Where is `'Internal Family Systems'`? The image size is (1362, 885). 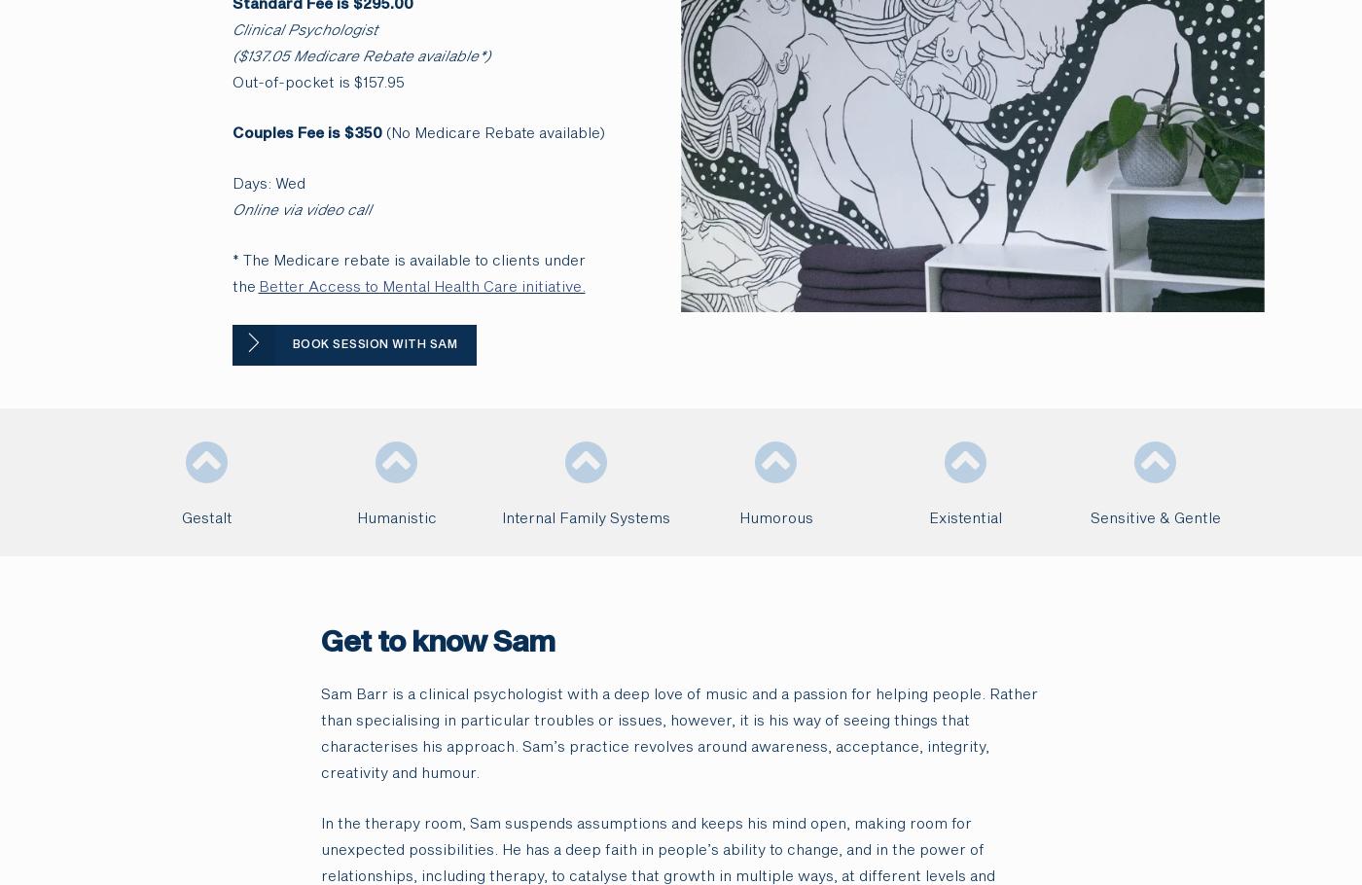
'Internal Family Systems' is located at coordinates (502, 516).